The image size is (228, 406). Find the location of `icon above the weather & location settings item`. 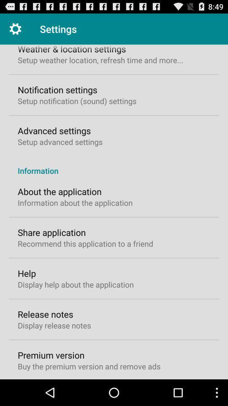

icon above the weather & location settings item is located at coordinates (15, 29).